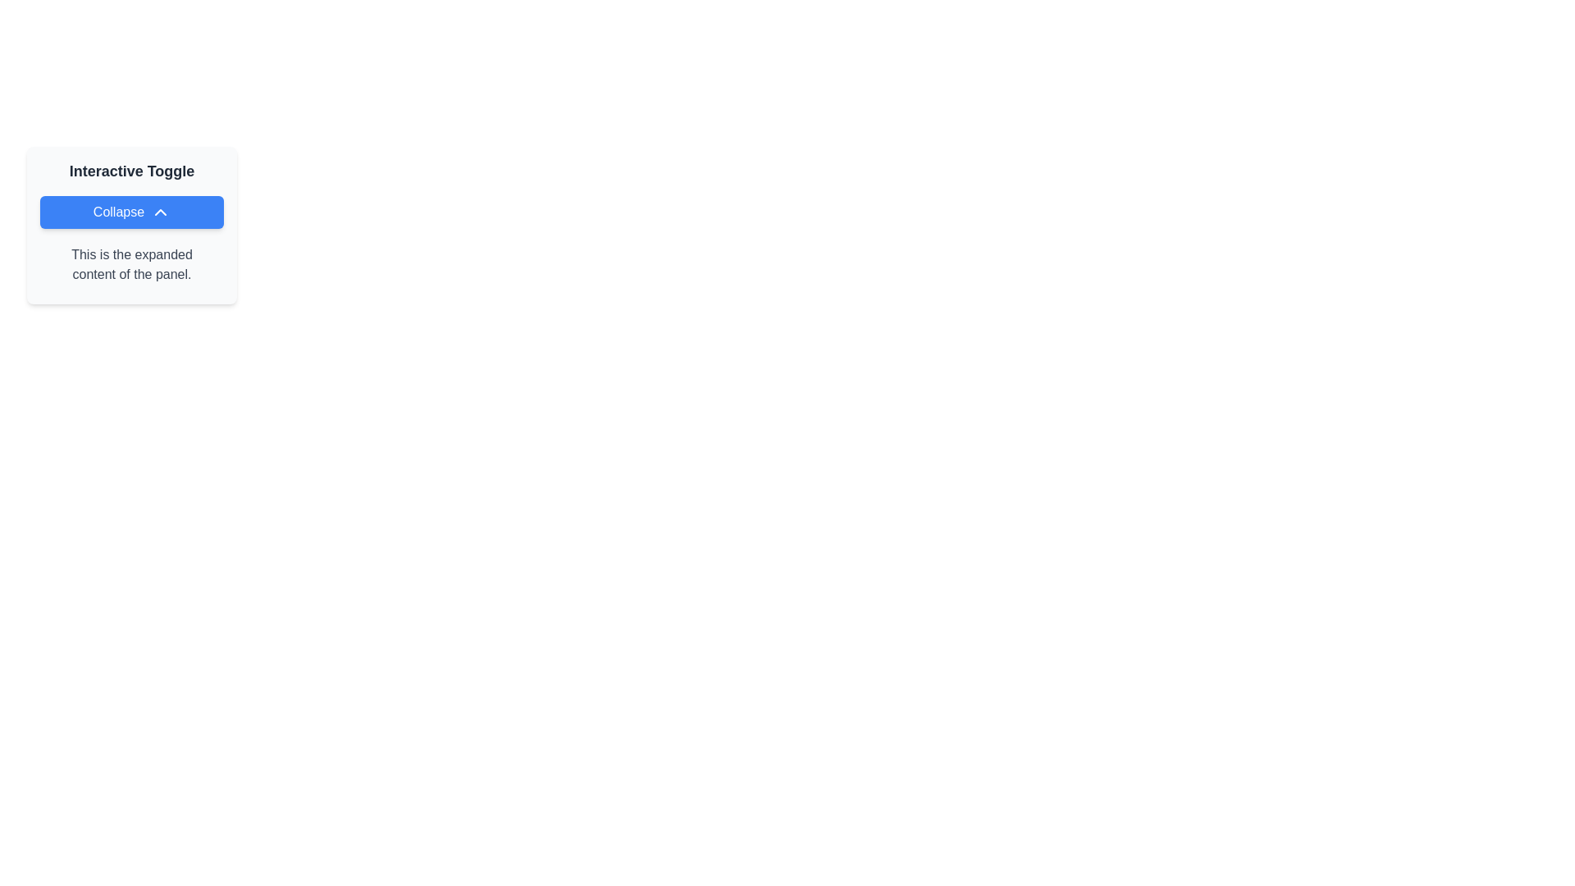 Image resolution: width=1575 pixels, height=886 pixels. What do you see at coordinates (132, 211) in the screenshot?
I see `the blue 'Collapse' button with white text and an upward-facing chevron icon` at bounding box center [132, 211].